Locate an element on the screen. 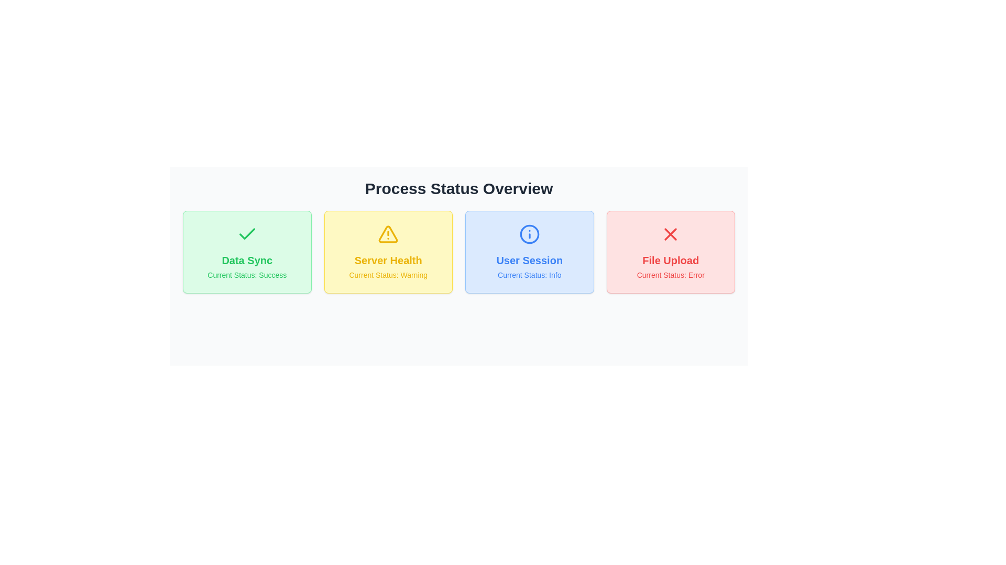 Image resolution: width=1006 pixels, height=565 pixels. the green checkmark icon, which indicates success, located centrally within the first light green status card labeled 'Data Sync' is located at coordinates (246, 233).